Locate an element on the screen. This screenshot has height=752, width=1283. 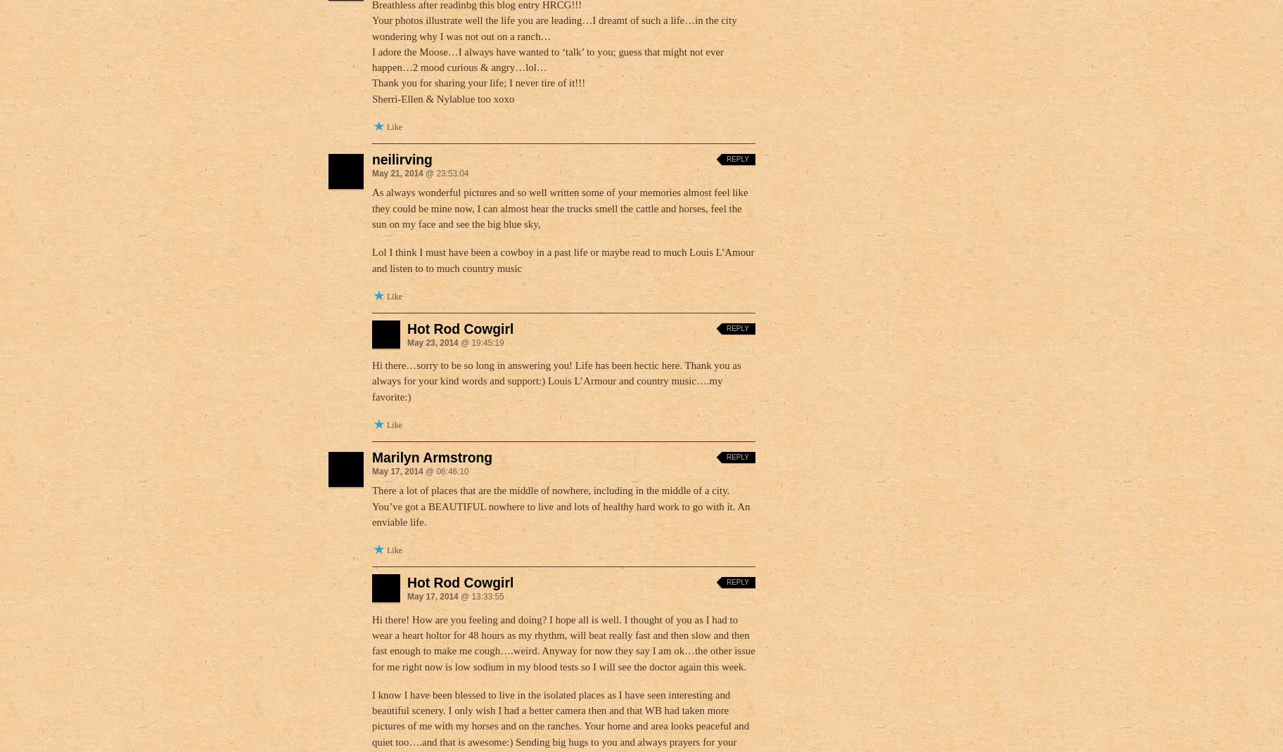
'I adore the Moose…I always have wanted to ‘talk’ to you; guess that might not ever happen…2 mood curious & angry…lol…' is located at coordinates (547, 58).